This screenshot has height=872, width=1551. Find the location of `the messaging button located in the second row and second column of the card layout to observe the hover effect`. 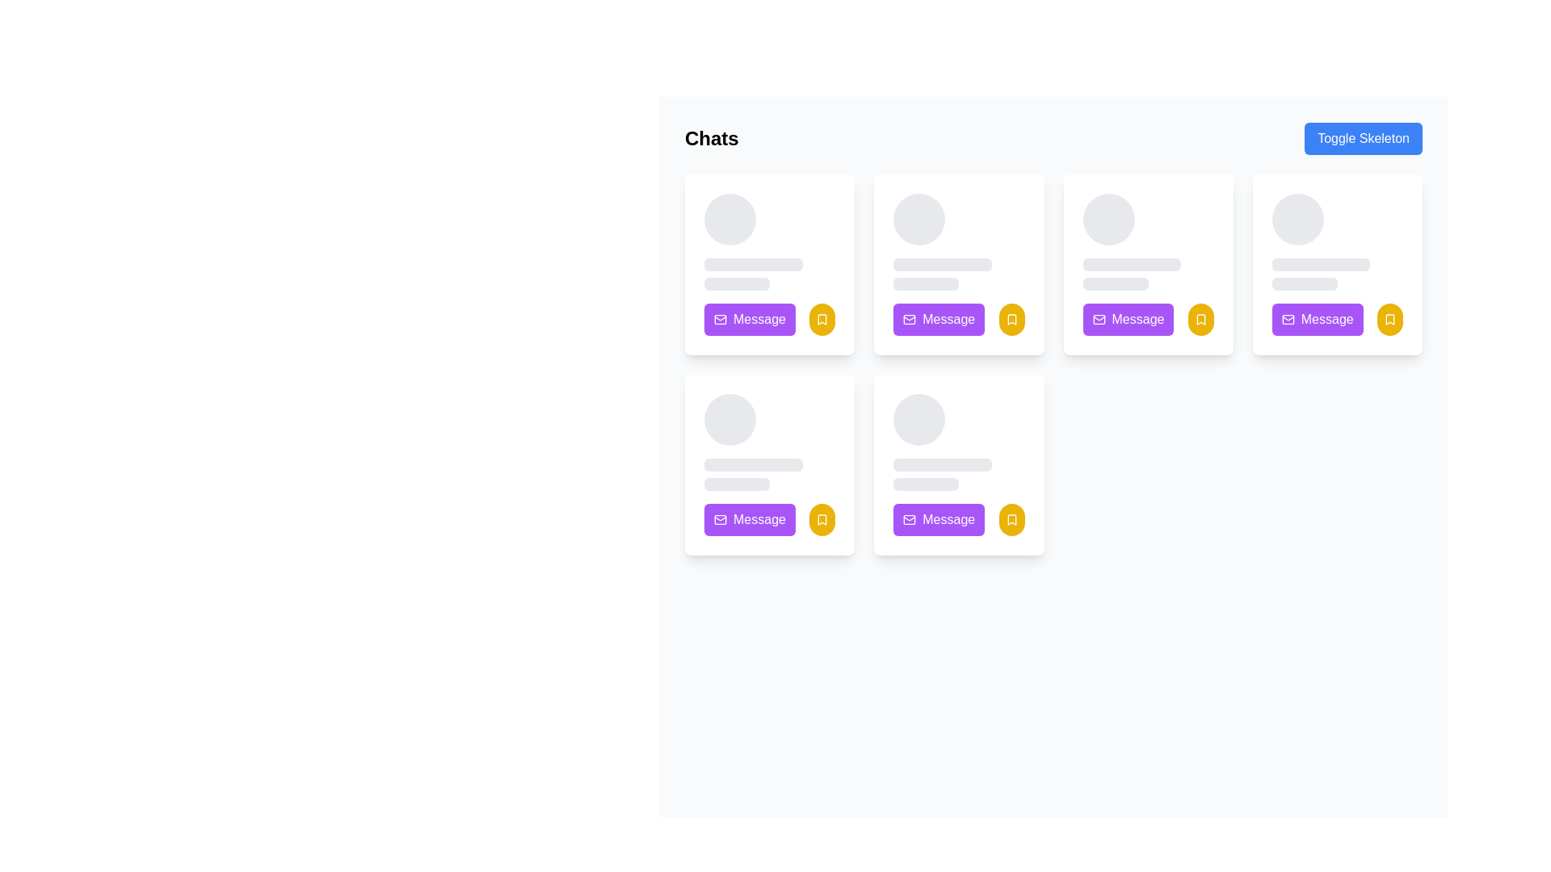

the messaging button located in the second row and second column of the card layout to observe the hover effect is located at coordinates (769, 520).